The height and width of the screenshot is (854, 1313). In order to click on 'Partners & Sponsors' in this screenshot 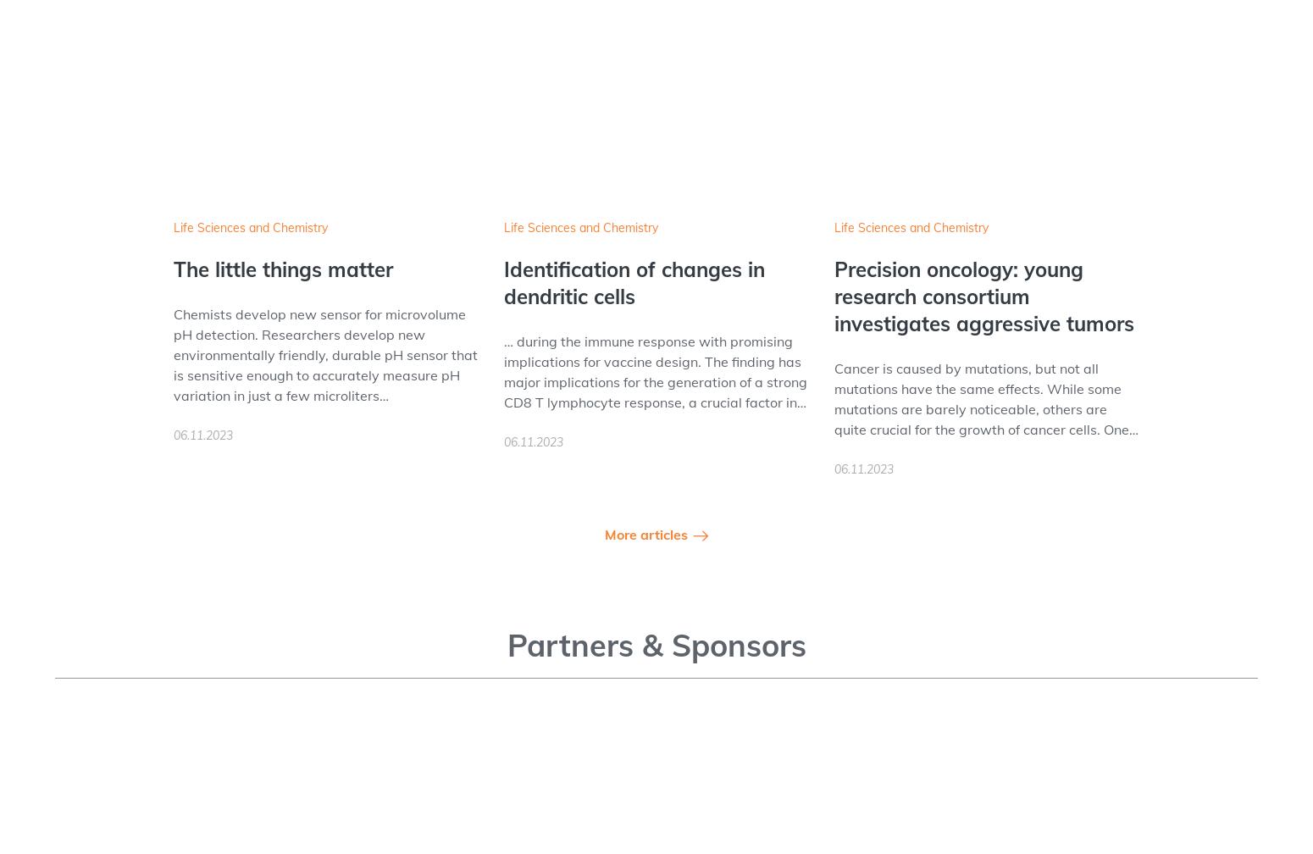, I will do `click(506, 645)`.